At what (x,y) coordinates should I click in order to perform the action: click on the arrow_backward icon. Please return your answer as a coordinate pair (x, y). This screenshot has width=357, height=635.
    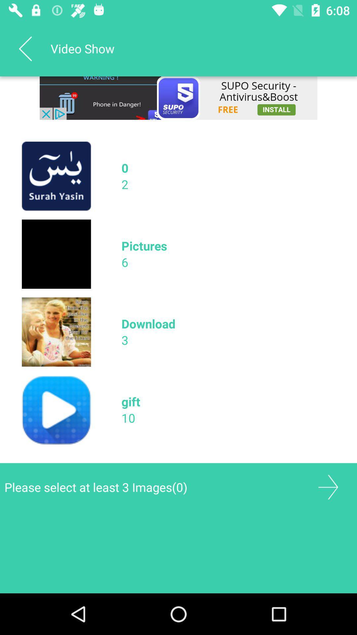
    Looking at the image, I should click on (25, 48).